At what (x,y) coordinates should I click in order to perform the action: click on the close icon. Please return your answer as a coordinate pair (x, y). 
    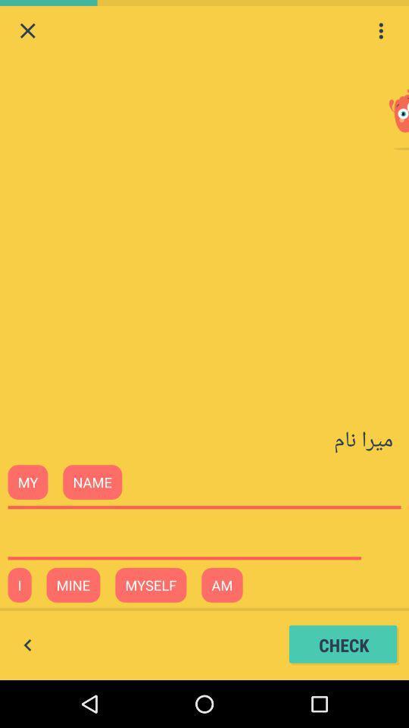
    Looking at the image, I should click on (27, 32).